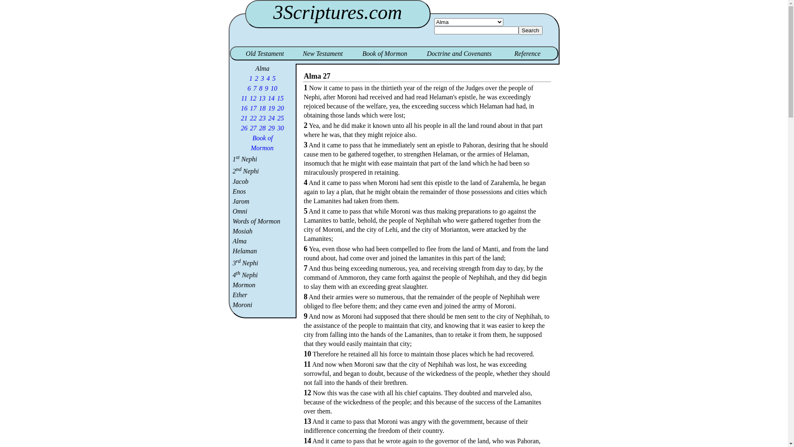  Describe the element at coordinates (280, 98) in the screenshot. I see `'15'` at that location.